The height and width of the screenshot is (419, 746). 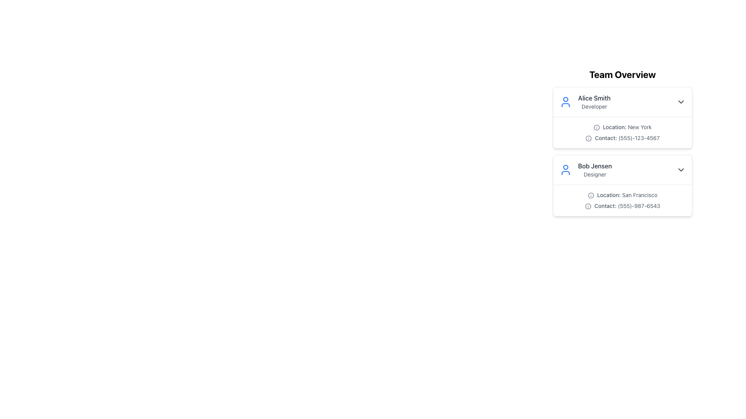 What do you see at coordinates (594, 166) in the screenshot?
I see `text content of the text label displaying 'Bob Jensen', which is a prominent dark gray label positioned at the top of the card` at bounding box center [594, 166].